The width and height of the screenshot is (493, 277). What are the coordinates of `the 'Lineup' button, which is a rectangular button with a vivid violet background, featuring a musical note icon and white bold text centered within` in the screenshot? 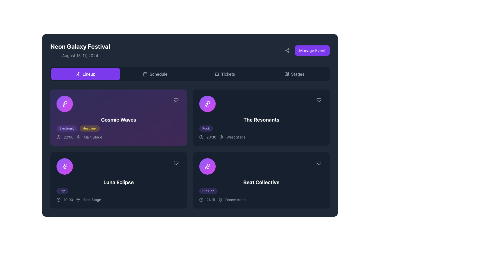 It's located at (86, 74).